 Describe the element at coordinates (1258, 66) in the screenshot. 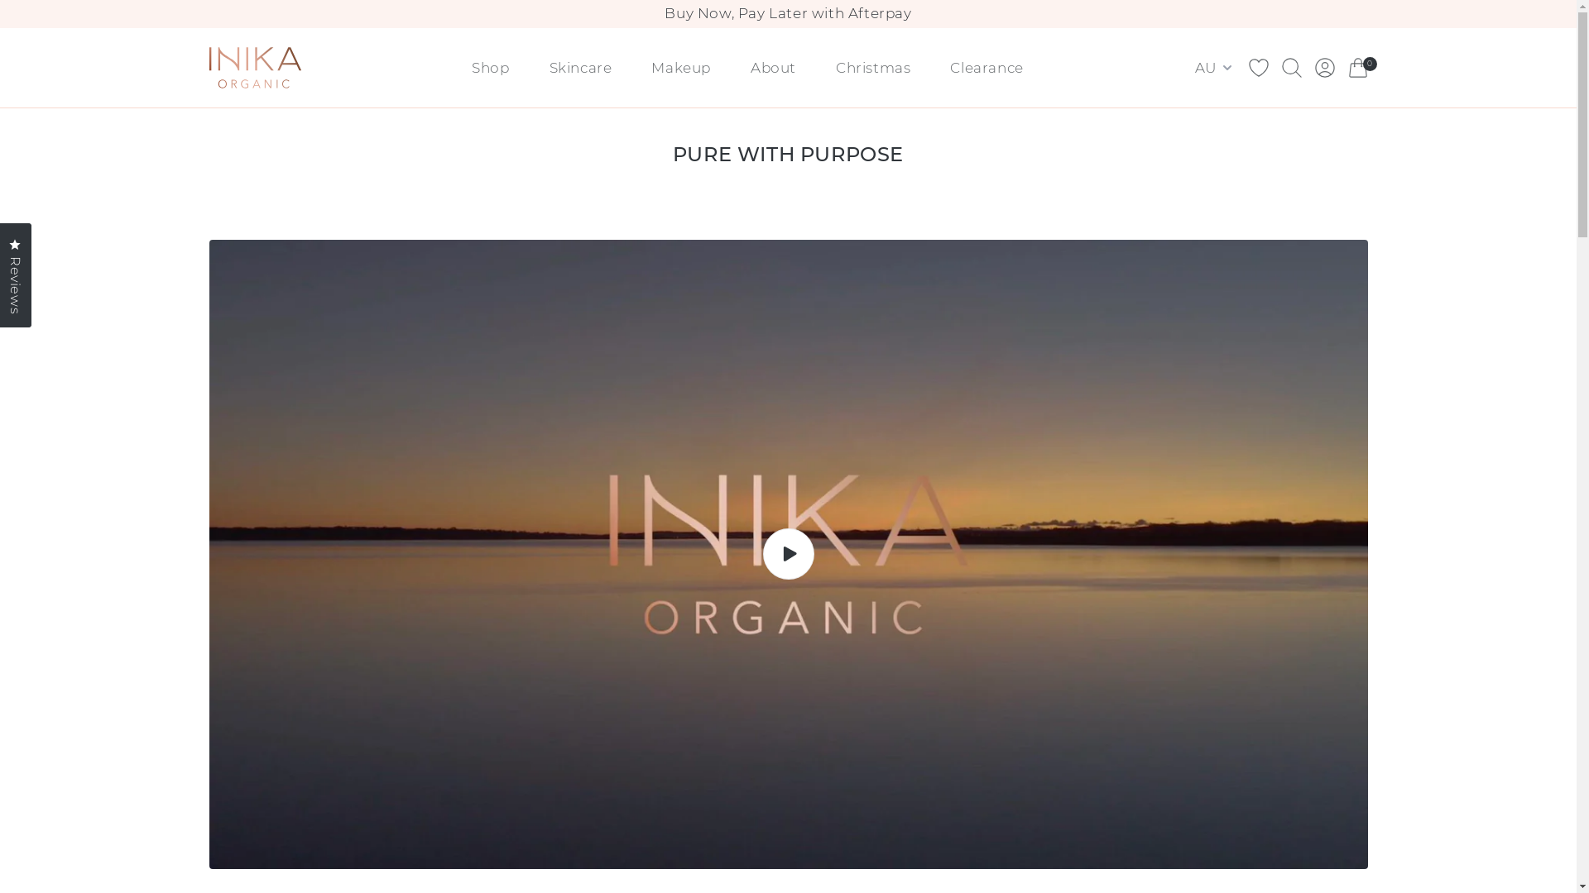

I see `'Wishlist Icon'` at that location.